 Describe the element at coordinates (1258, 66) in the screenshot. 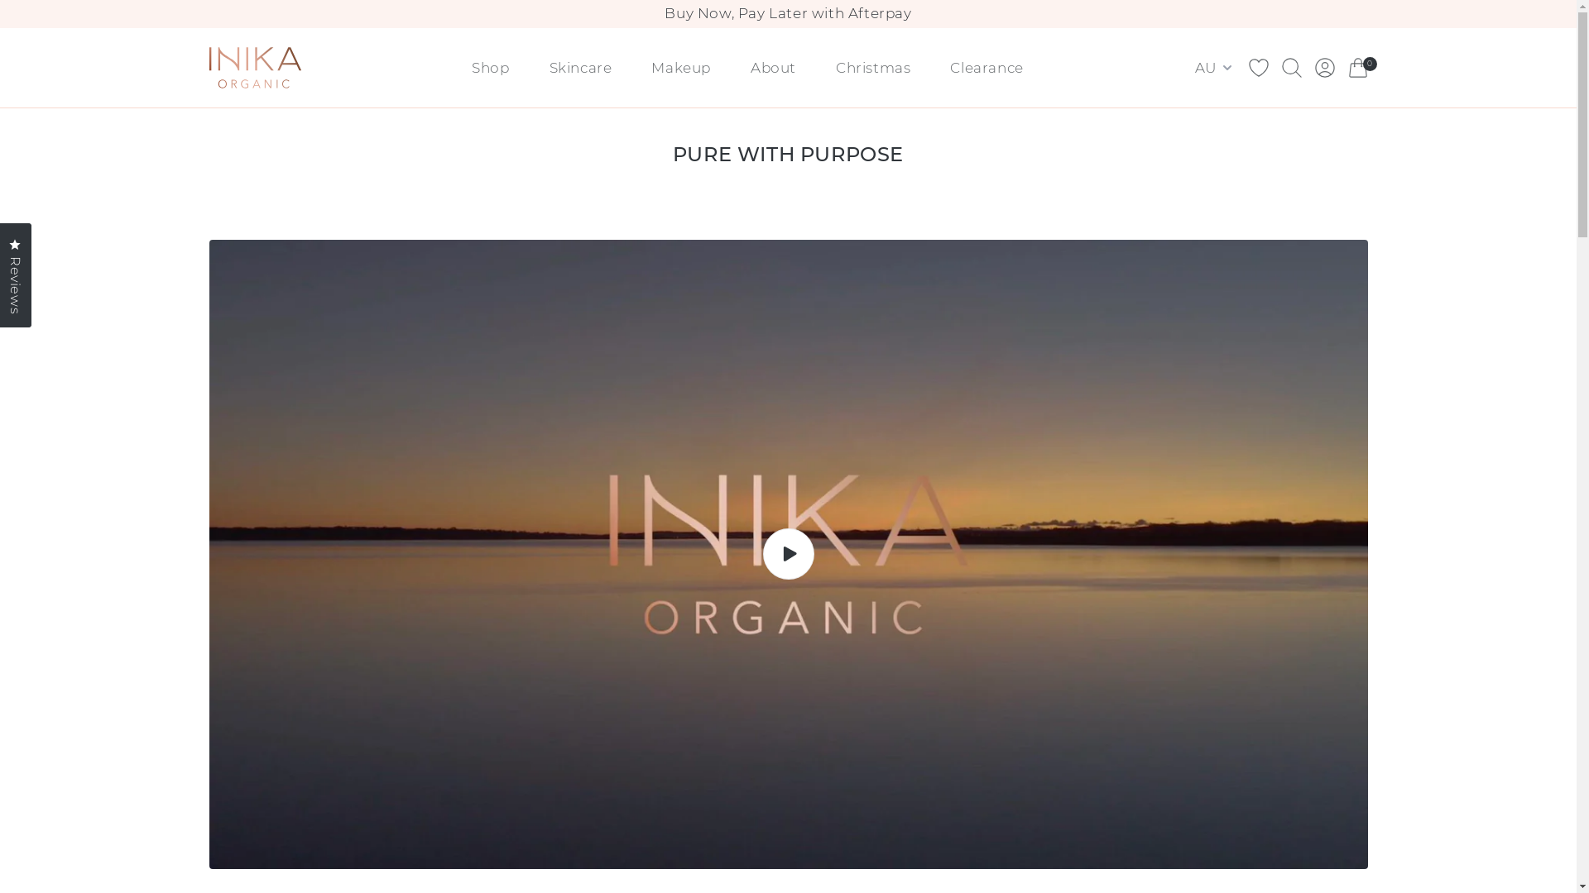

I see `'Wishlist Icon'` at that location.